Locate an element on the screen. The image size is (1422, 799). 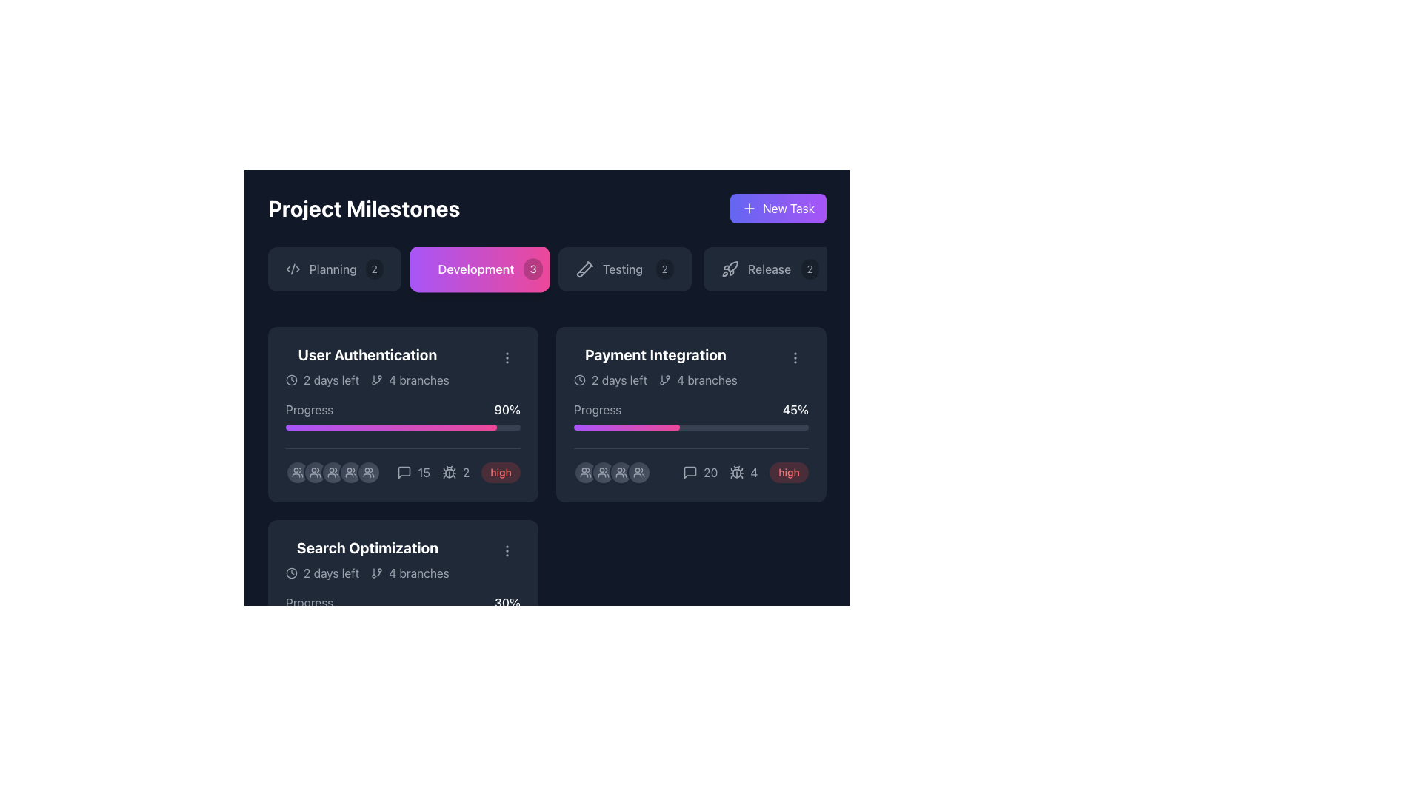
progress status displayed as '30%' in the Text display located at the bottom of the 'Search Optimization' panel, just above the horizontal progress bar is located at coordinates (403, 602).